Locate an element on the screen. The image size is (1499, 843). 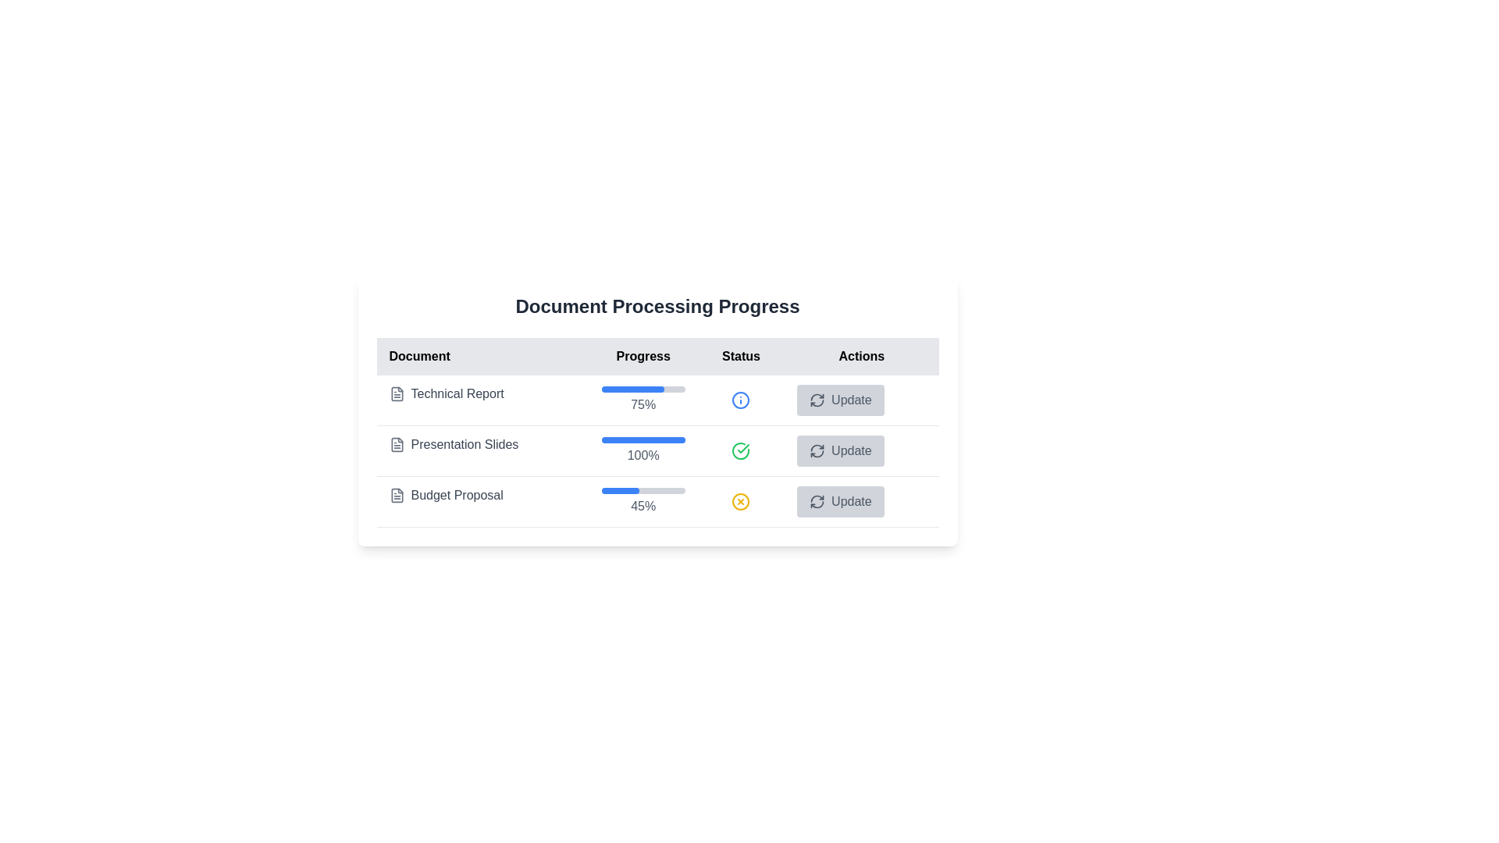
the Progress bar representing the progress status of the 'Budget Proposal' task, which displays a blue fill and indicates '45%' is located at coordinates (643, 489).